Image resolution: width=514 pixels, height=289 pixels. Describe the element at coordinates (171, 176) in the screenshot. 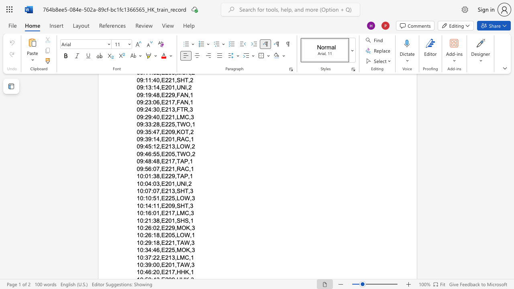

I see `the subset text "9," within the text "10:01:38,E229,TAP,1"` at that location.